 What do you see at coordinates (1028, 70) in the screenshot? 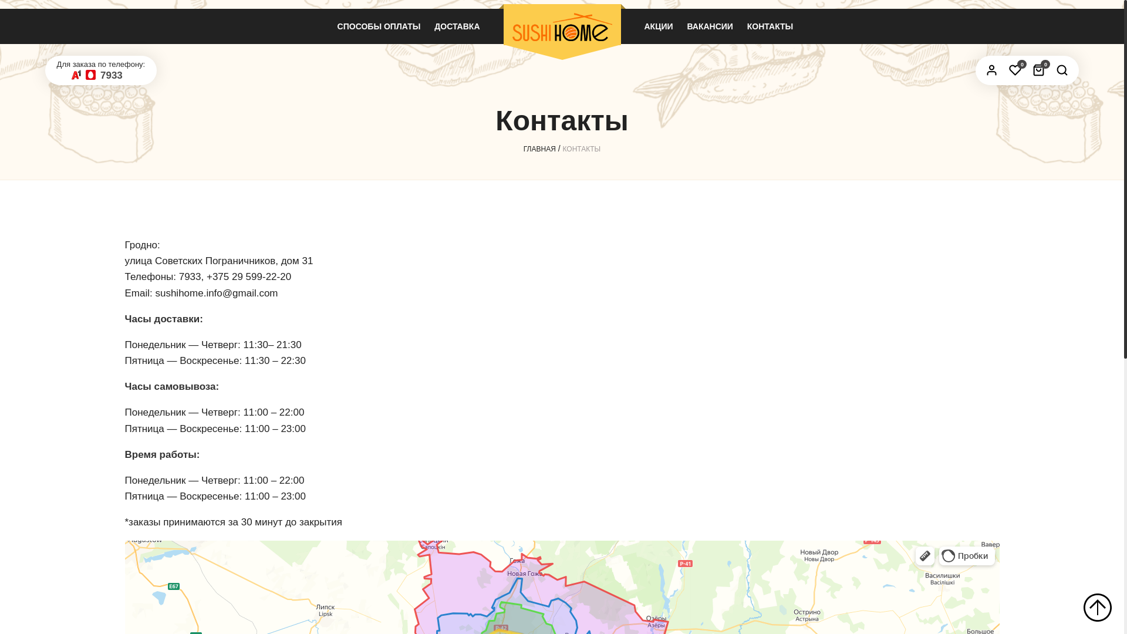
I see `'0'` at bounding box center [1028, 70].